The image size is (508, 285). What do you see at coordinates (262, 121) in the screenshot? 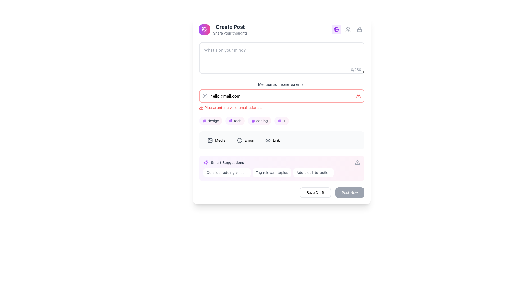
I see `the non-interactive text label indicating the topic 'coding', which is part of a horizontally aligned pill in a row of similar hashtag pills below an email input box` at bounding box center [262, 121].